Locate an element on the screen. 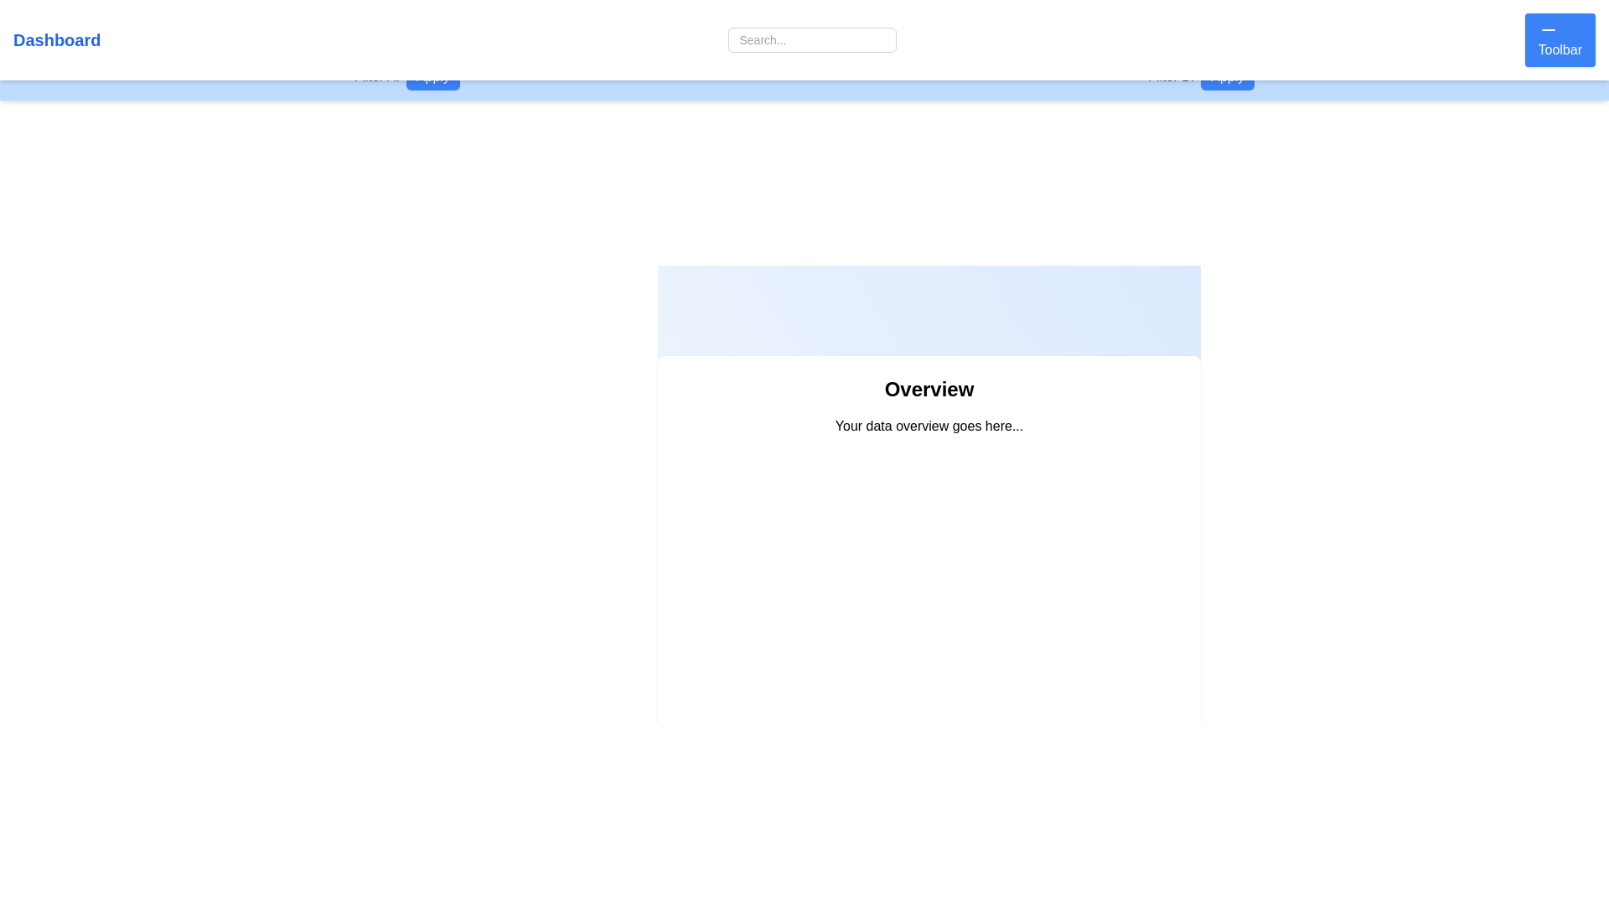 This screenshot has height=905, width=1609. the text label displaying 'Filter B:' which is styled in gray and located to the left of the blue 'Apply' button in the top horizontal bar of the interface is located at coordinates (1170, 77).